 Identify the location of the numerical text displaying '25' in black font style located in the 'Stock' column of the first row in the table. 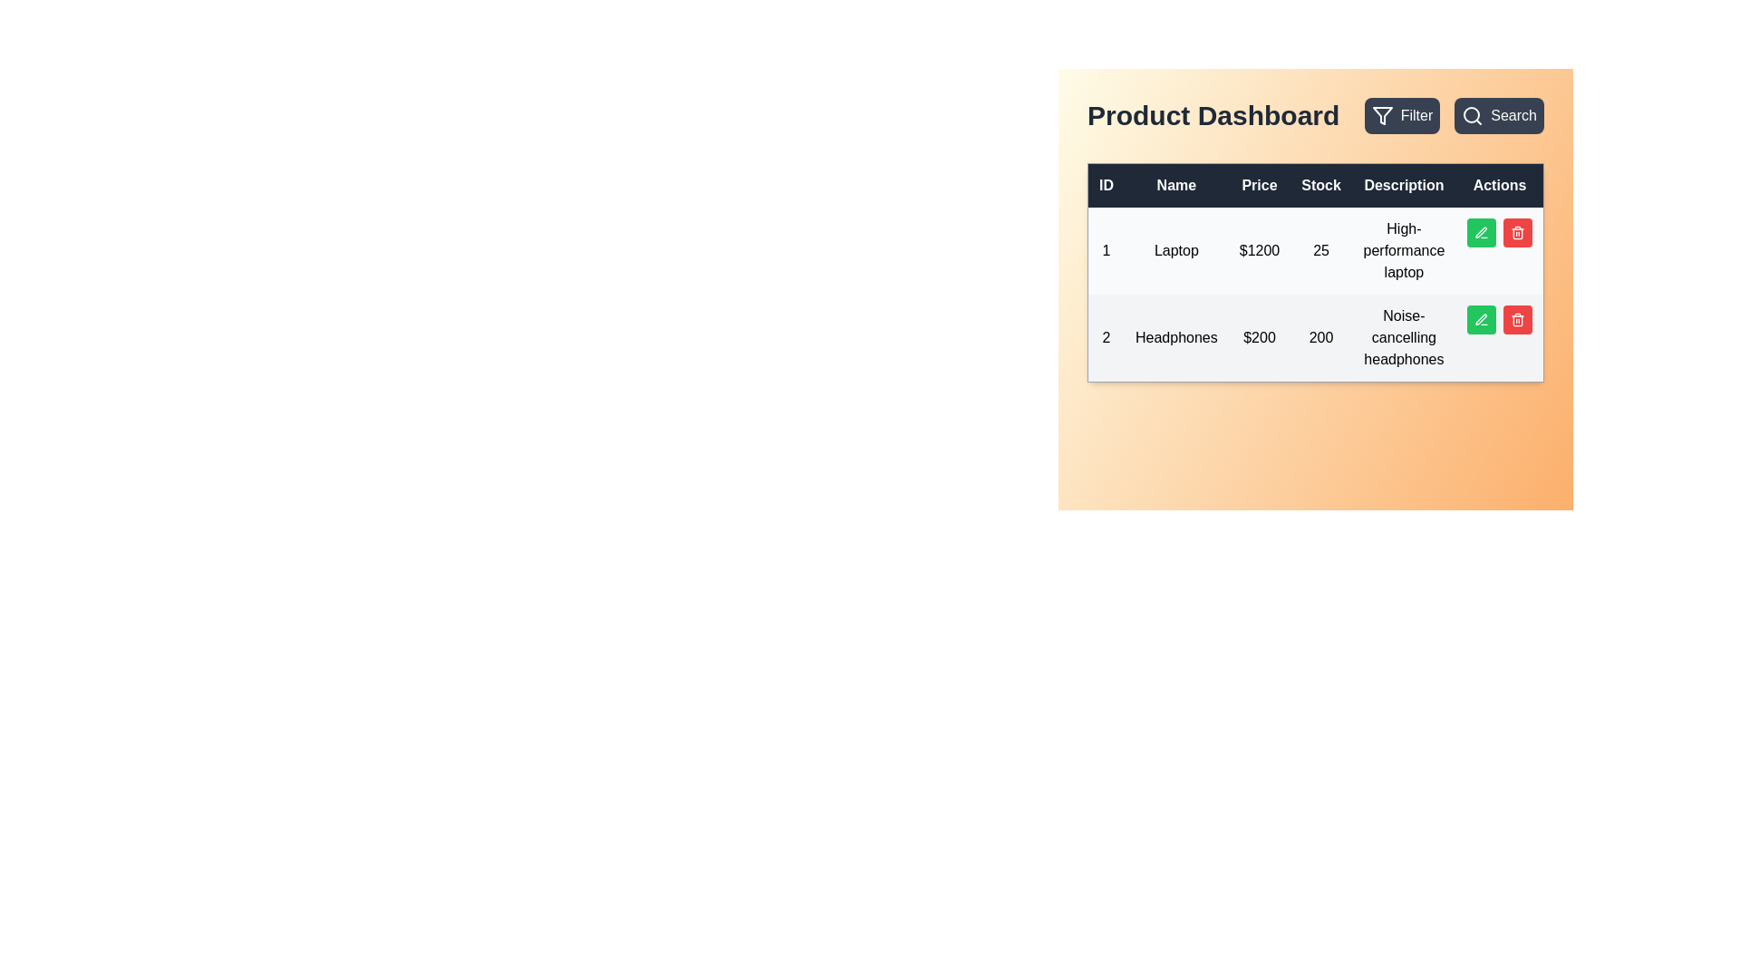
(1321, 251).